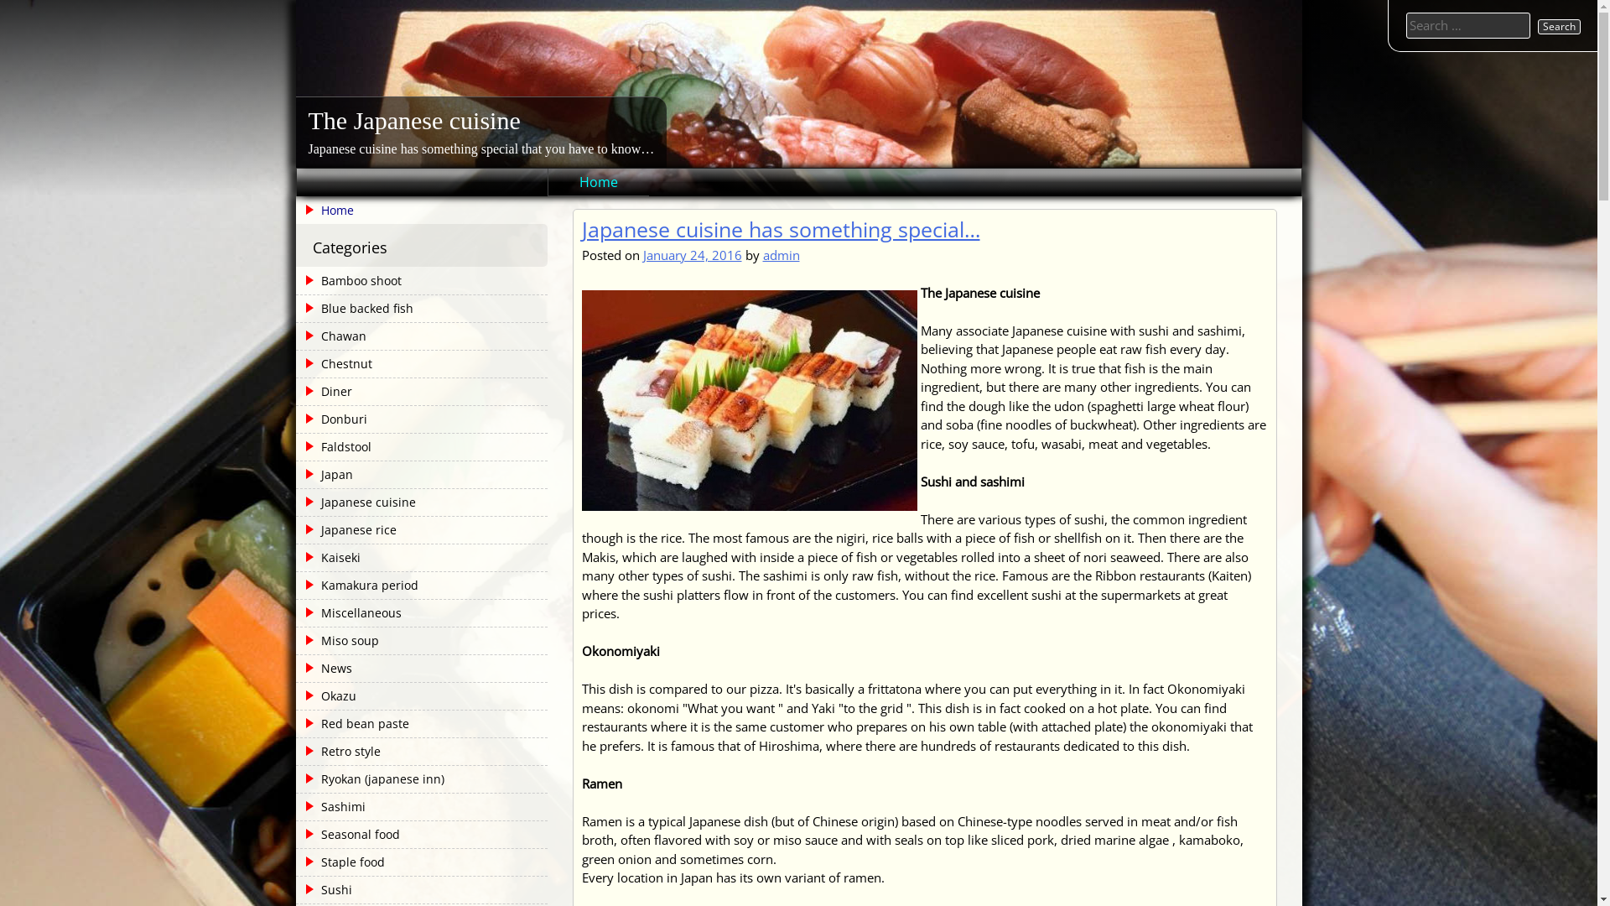 The image size is (1610, 906). Describe the element at coordinates (294, 695) in the screenshot. I see `'Okazu'` at that location.